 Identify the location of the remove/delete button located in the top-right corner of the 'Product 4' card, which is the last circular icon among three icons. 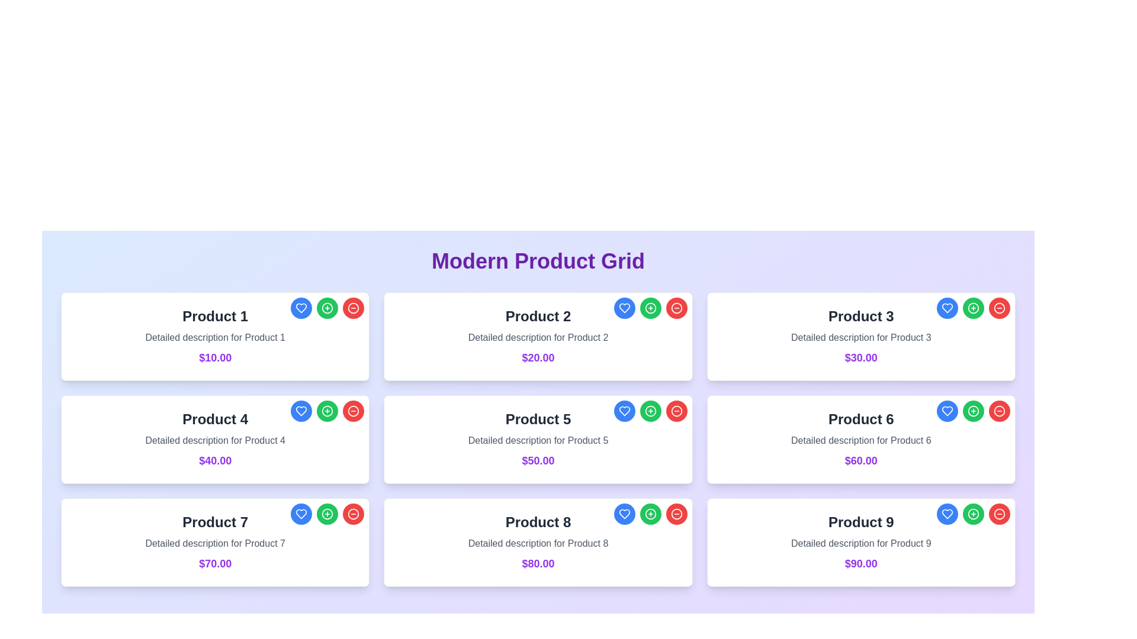
(353, 410).